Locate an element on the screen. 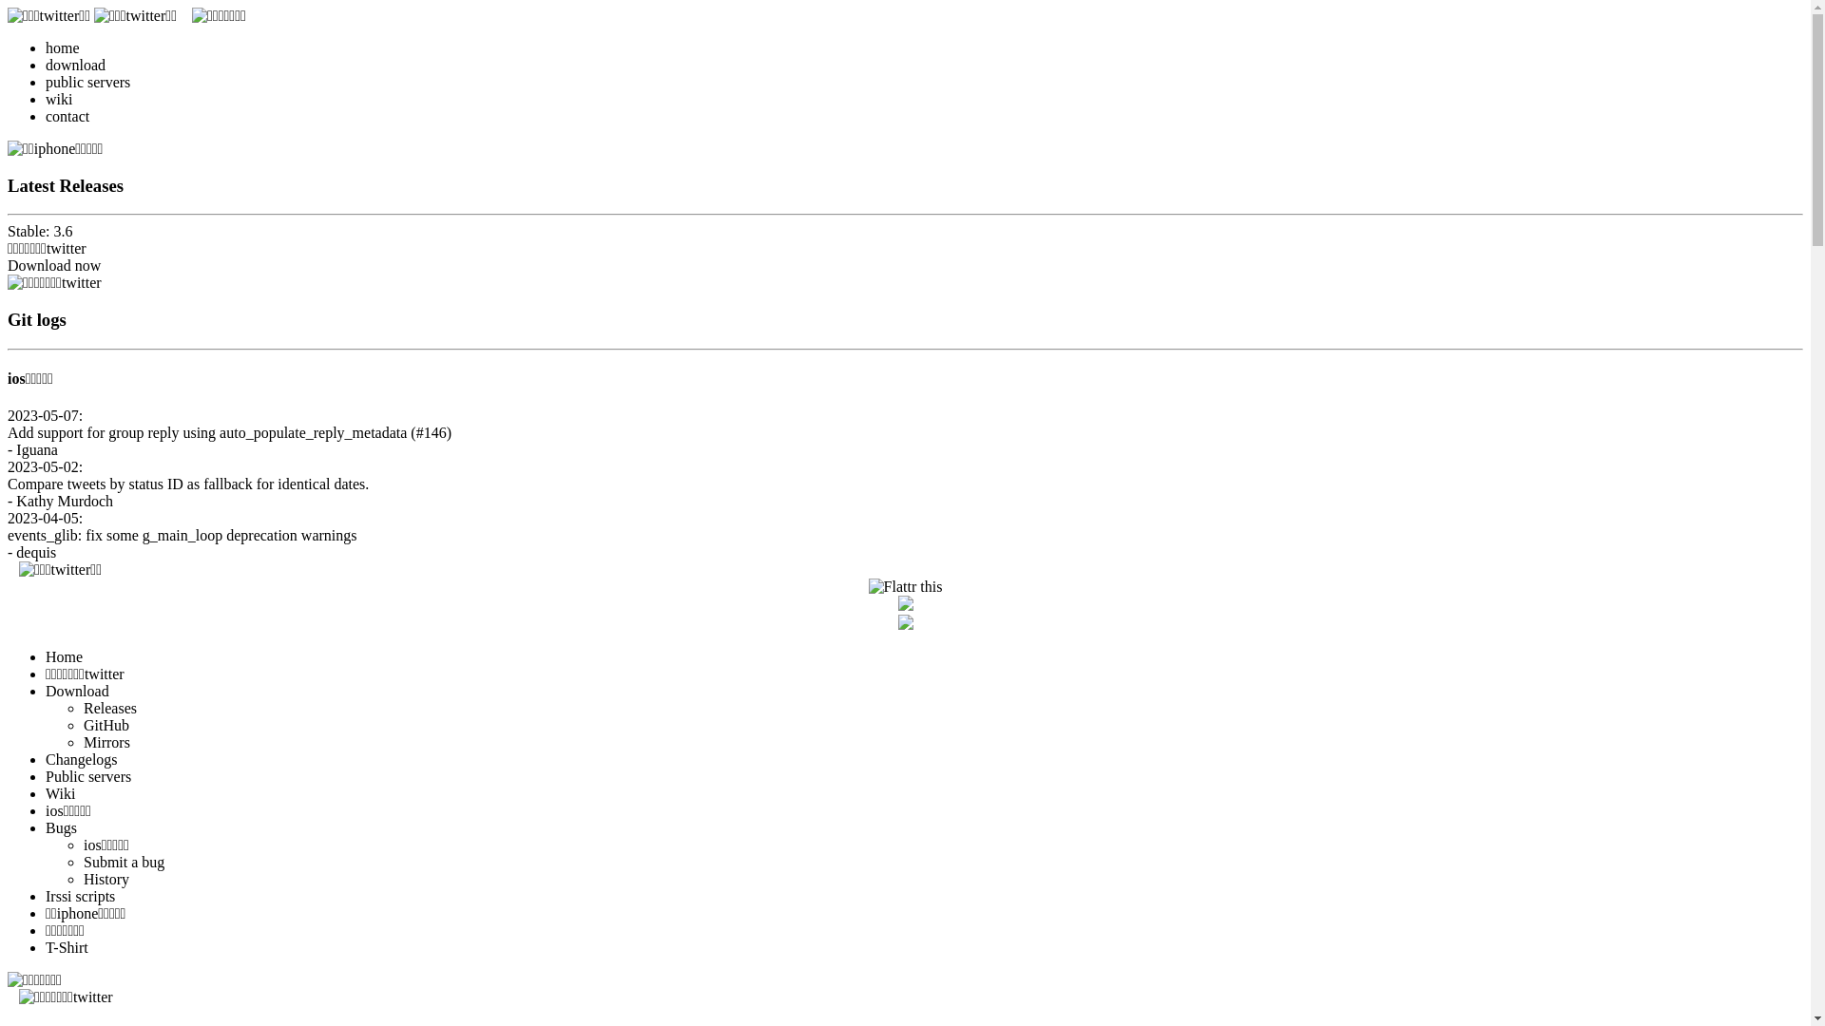  'Flattr this' is located at coordinates (905, 585).